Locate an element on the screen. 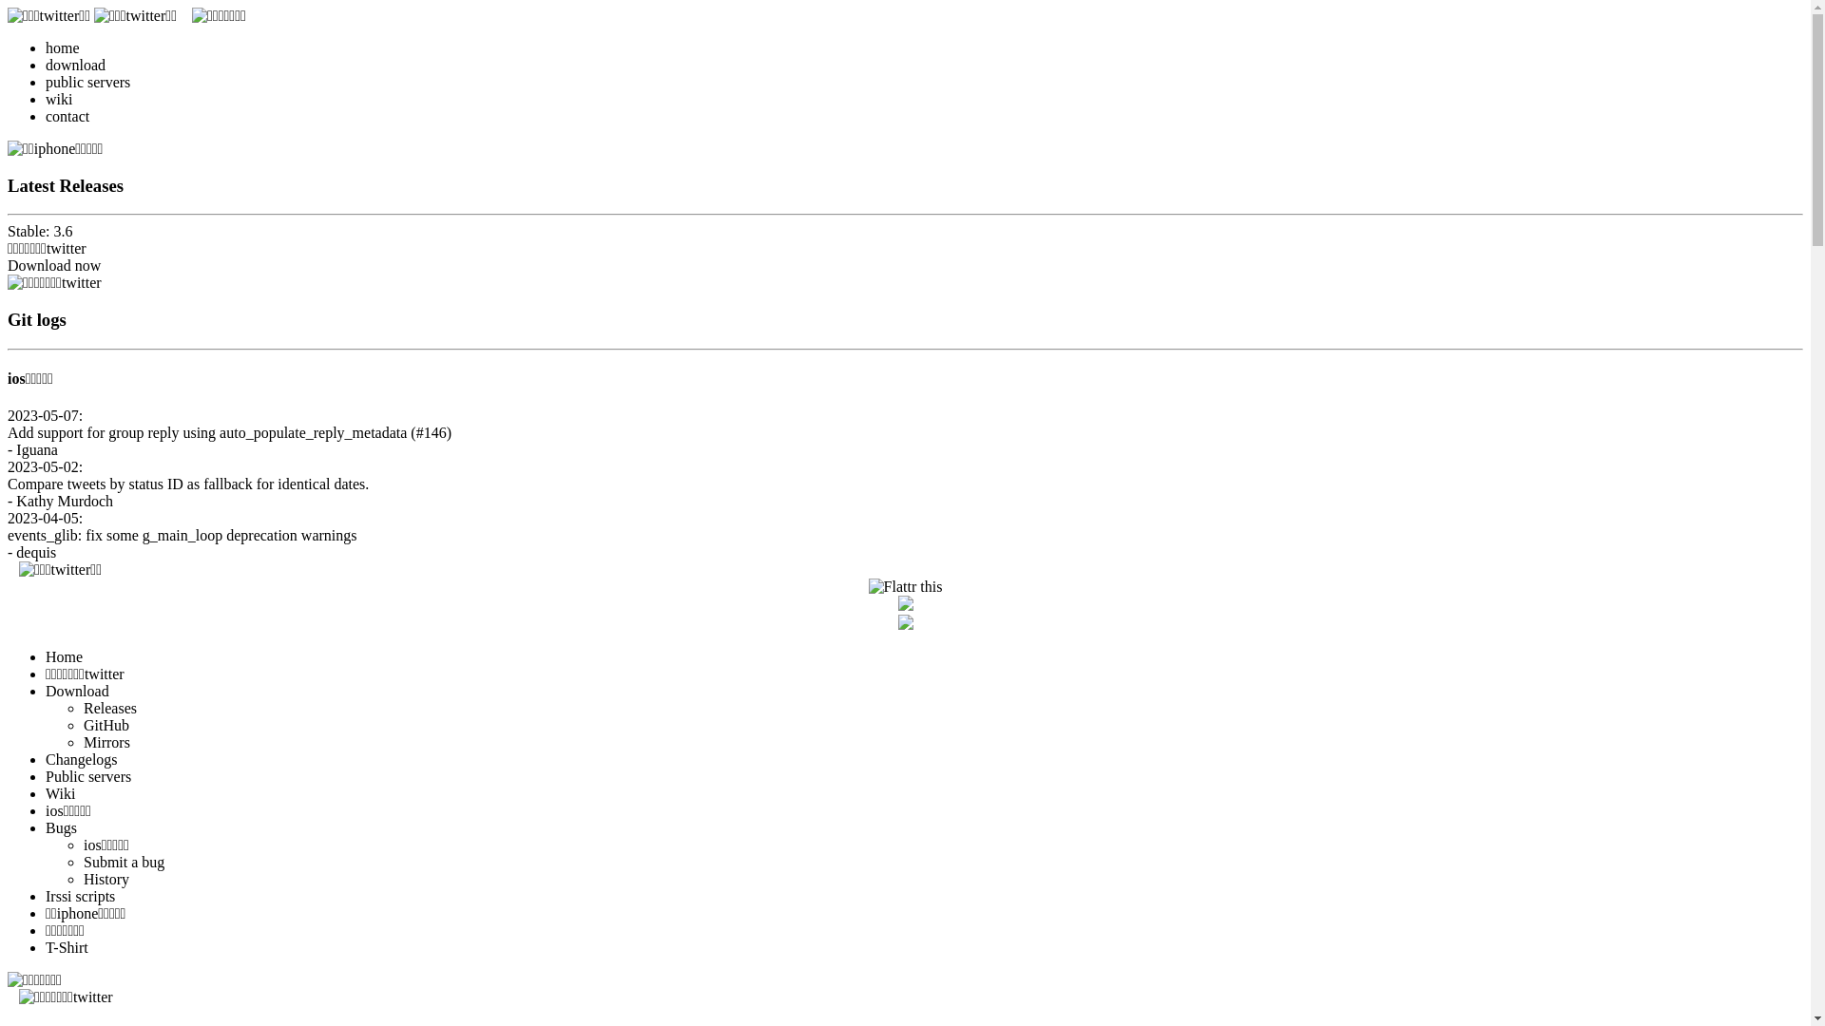  'Flattr this' is located at coordinates (905, 585).